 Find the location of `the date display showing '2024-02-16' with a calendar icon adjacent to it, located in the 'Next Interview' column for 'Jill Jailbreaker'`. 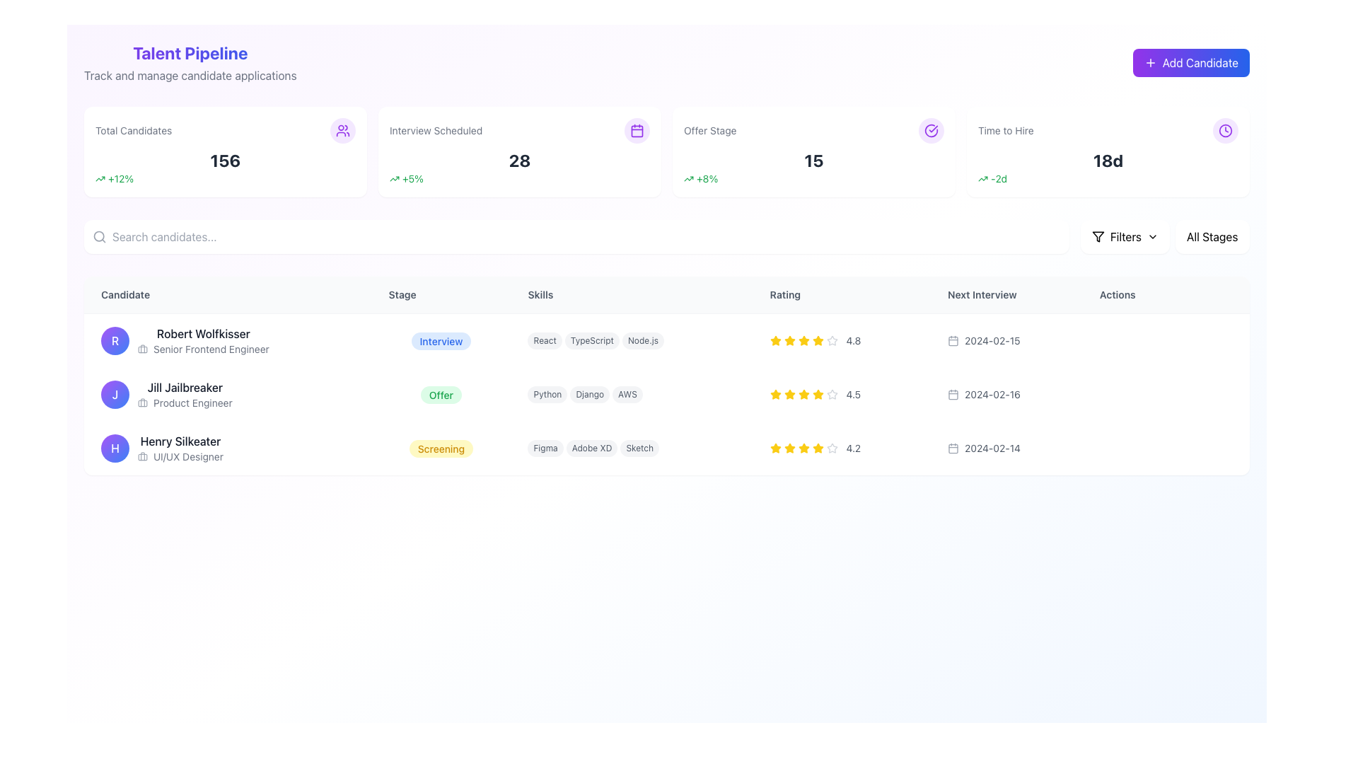

the date display showing '2024-02-16' with a calendar icon adjacent to it, located in the 'Next Interview' column for 'Jill Jailbreaker' is located at coordinates (1006, 395).